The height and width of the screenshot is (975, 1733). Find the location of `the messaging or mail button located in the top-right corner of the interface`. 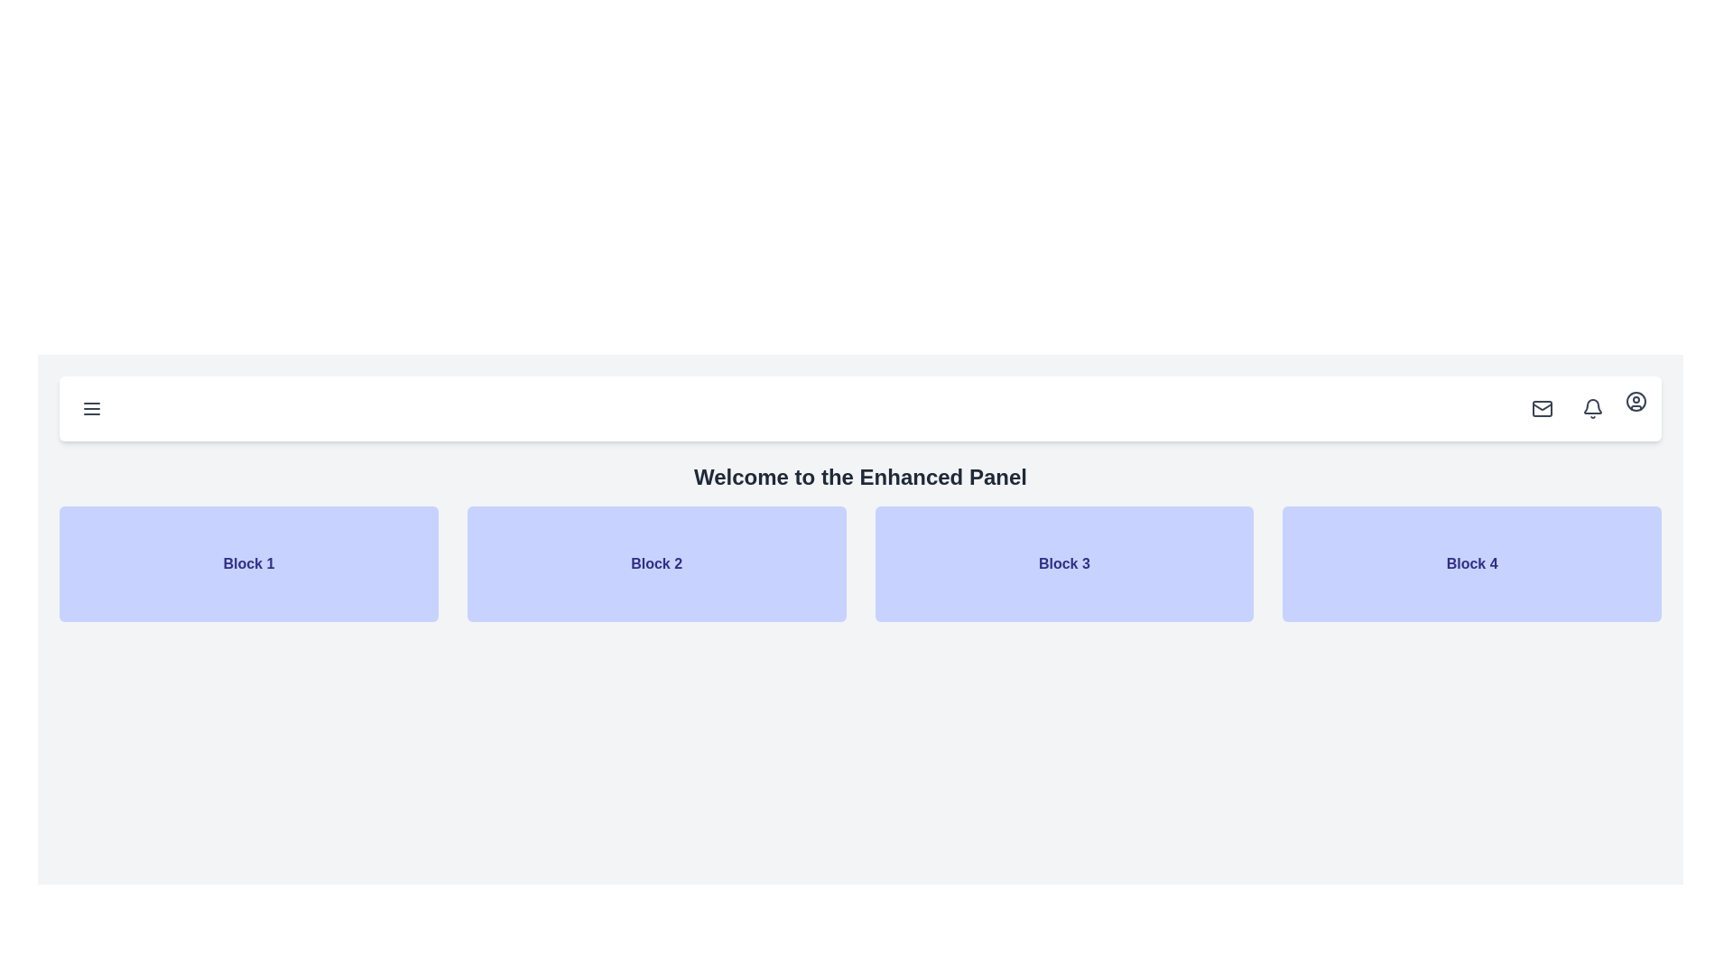

the messaging or mail button located in the top-right corner of the interface is located at coordinates (1541, 408).